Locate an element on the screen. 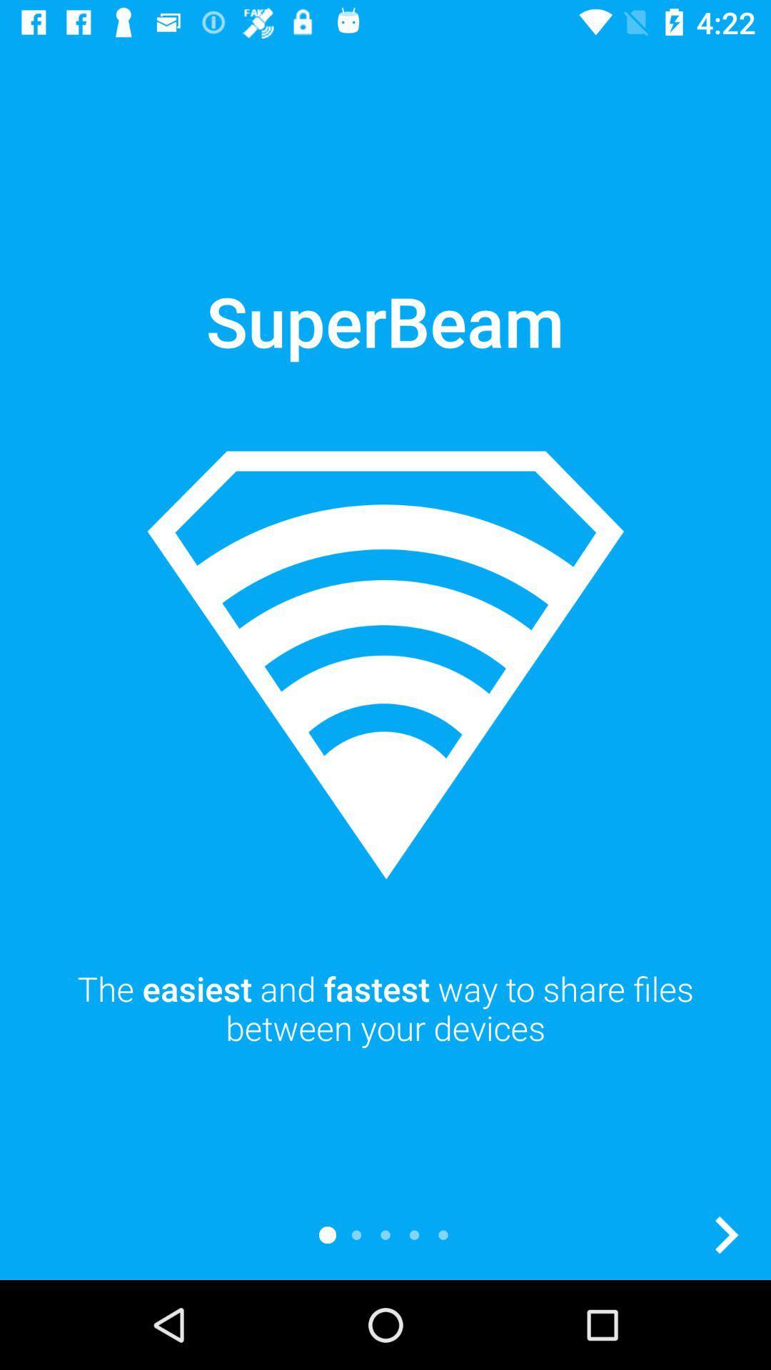 Image resolution: width=771 pixels, height=1370 pixels. the arrow_forward icon is located at coordinates (726, 1234).